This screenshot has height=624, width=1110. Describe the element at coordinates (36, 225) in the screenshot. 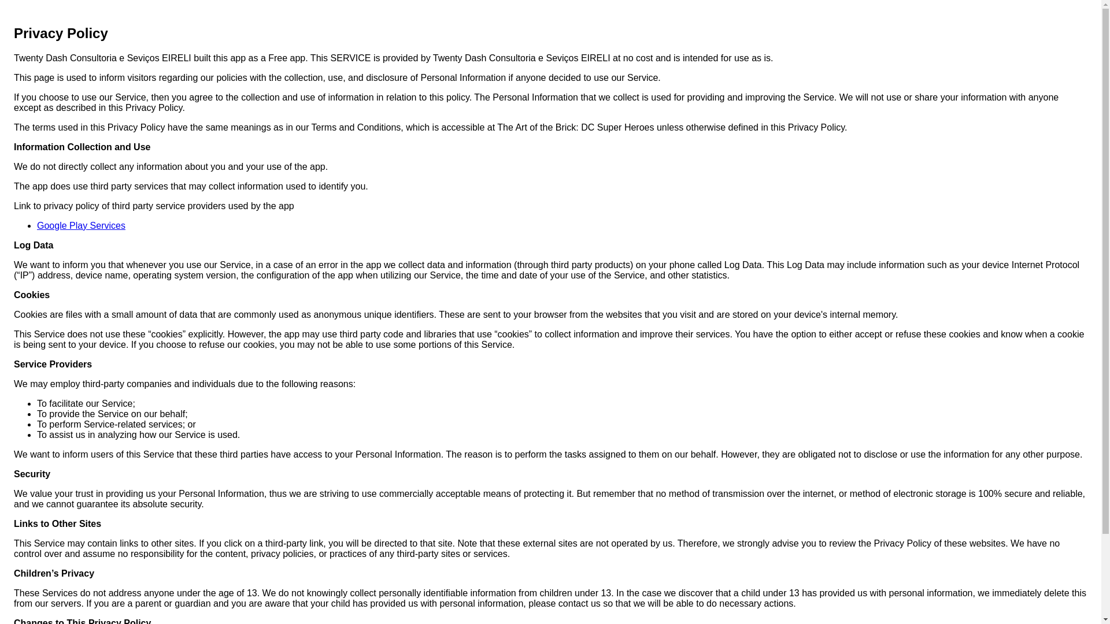

I see `'Google Play Services'` at that location.